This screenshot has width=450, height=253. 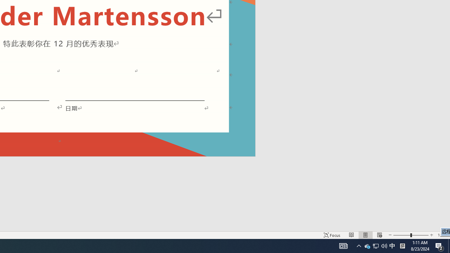 What do you see at coordinates (352, 235) in the screenshot?
I see `'Read Mode'` at bounding box center [352, 235].